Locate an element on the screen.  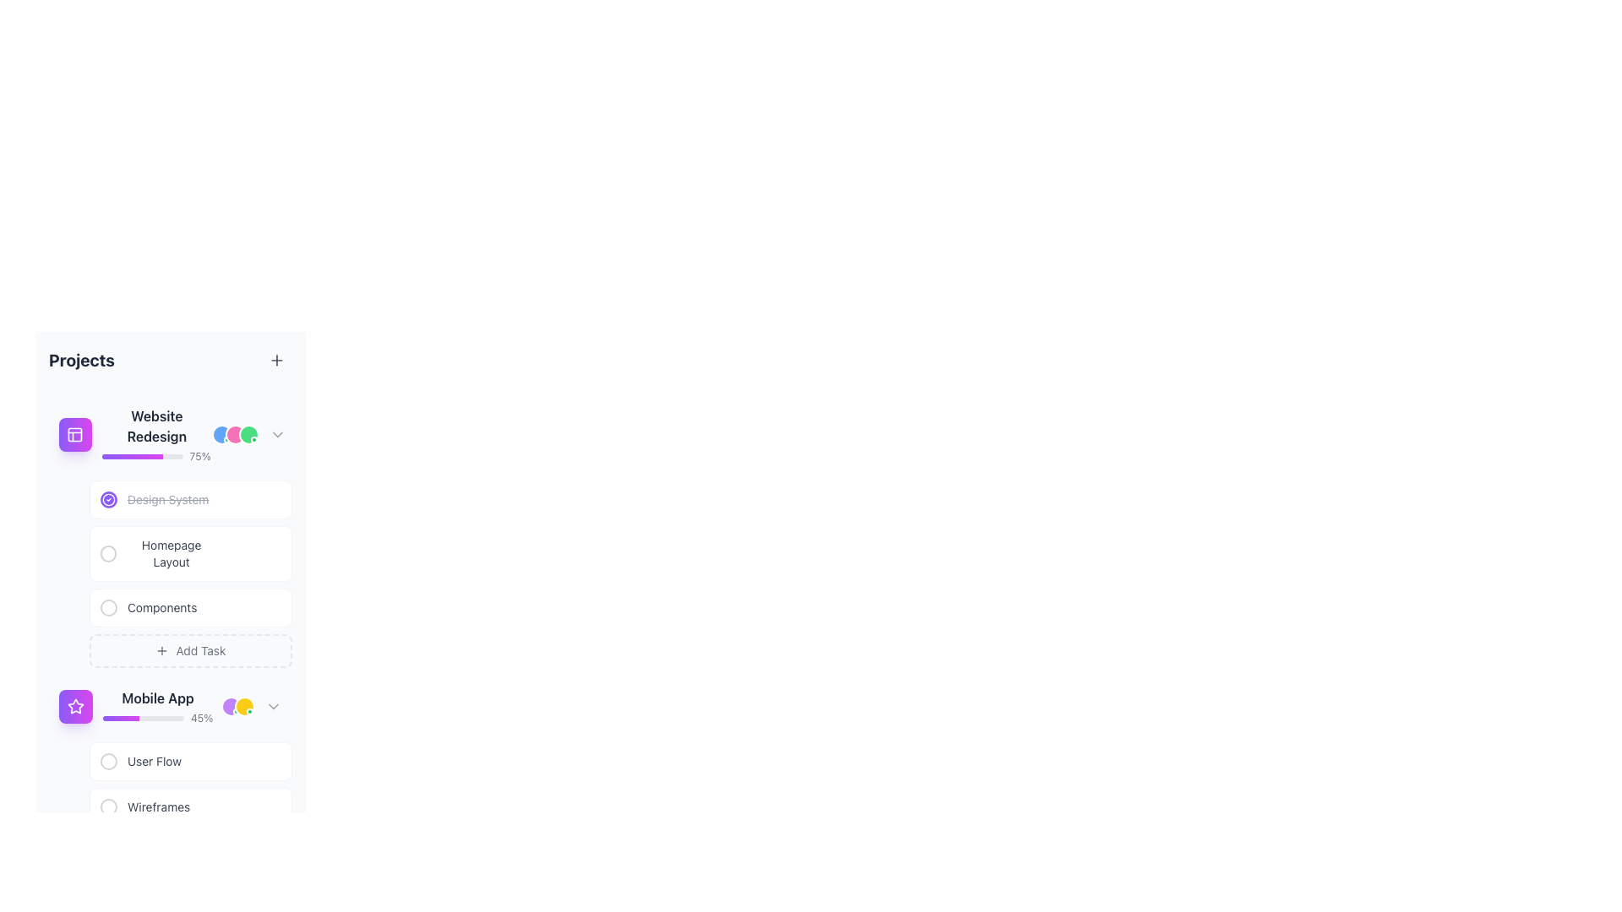
the box of the second task entry in the selectable list under the 'Mobile App' section is located at coordinates (190, 803).